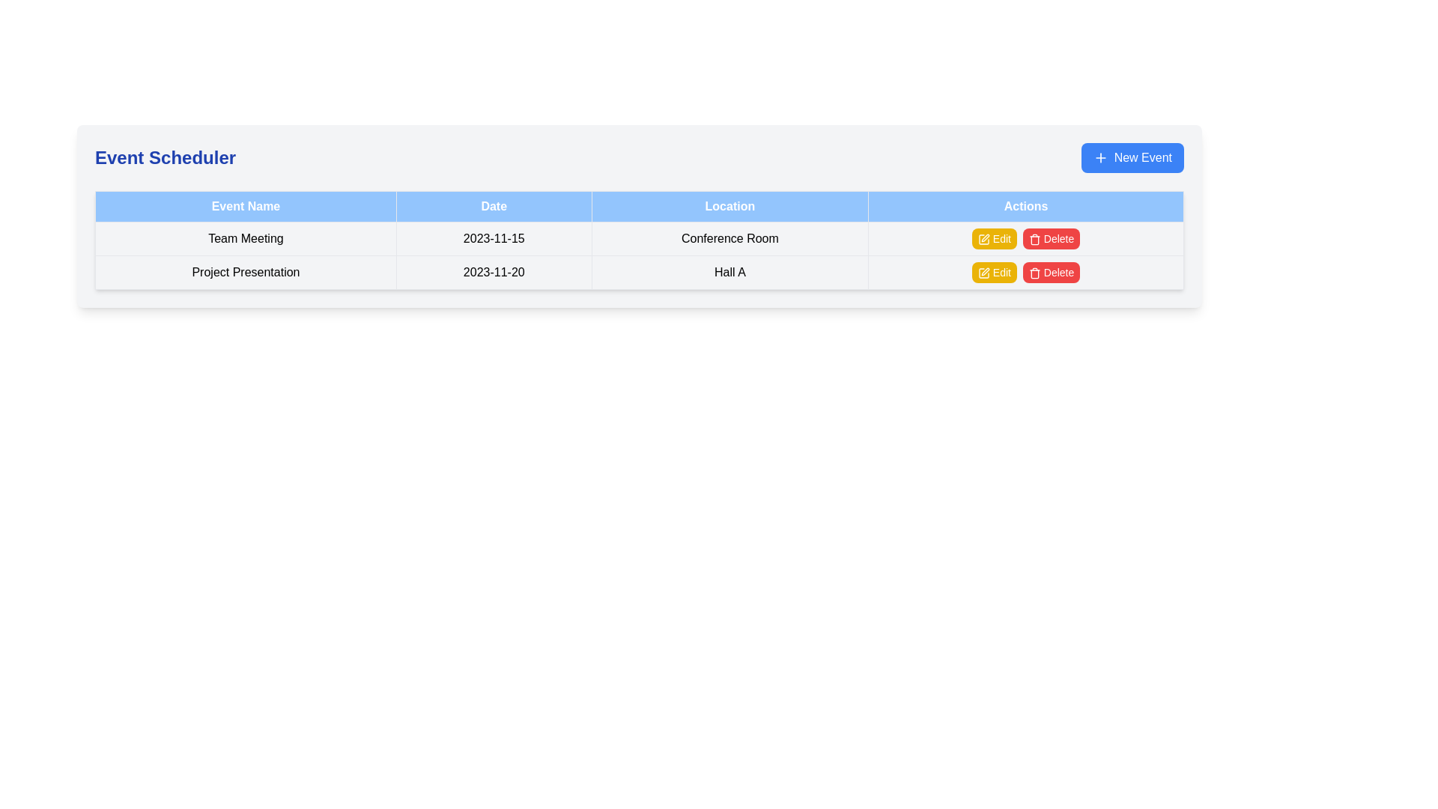 The width and height of the screenshot is (1438, 809). Describe the element at coordinates (165, 158) in the screenshot. I see `the 'Event Scheduler' text, which is prominently displayed in bold blue font at the upper-left area of the interface` at that location.